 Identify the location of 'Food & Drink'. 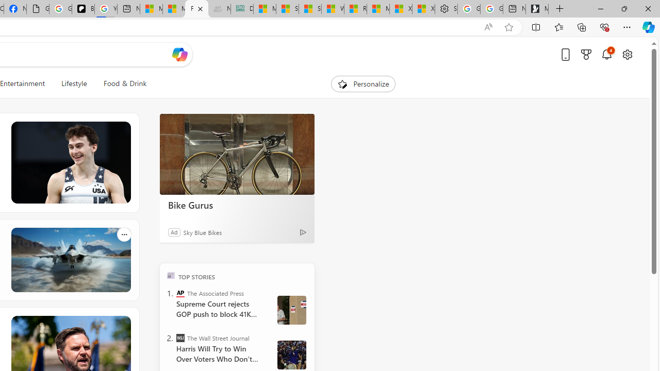
(124, 83).